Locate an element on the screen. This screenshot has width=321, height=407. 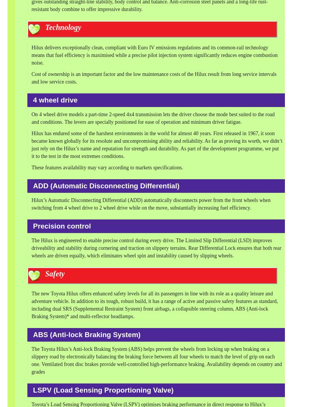
'The new Toyota Hilux offers enhanced safety levels for all its passengers in line with its role as a quality leisure and adventure vehicle. In addition to its tough, robust build, it has a range of active and passive safety features as standard, including dual SRS (Supplemental Restraint System) front airbags, a collapsible steering column, ABS (Anti-lock Braking System)* and multi-reflector headlamps.' is located at coordinates (31, 305).